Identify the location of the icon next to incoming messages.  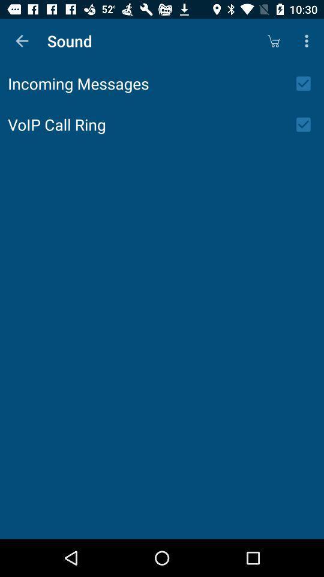
(307, 83).